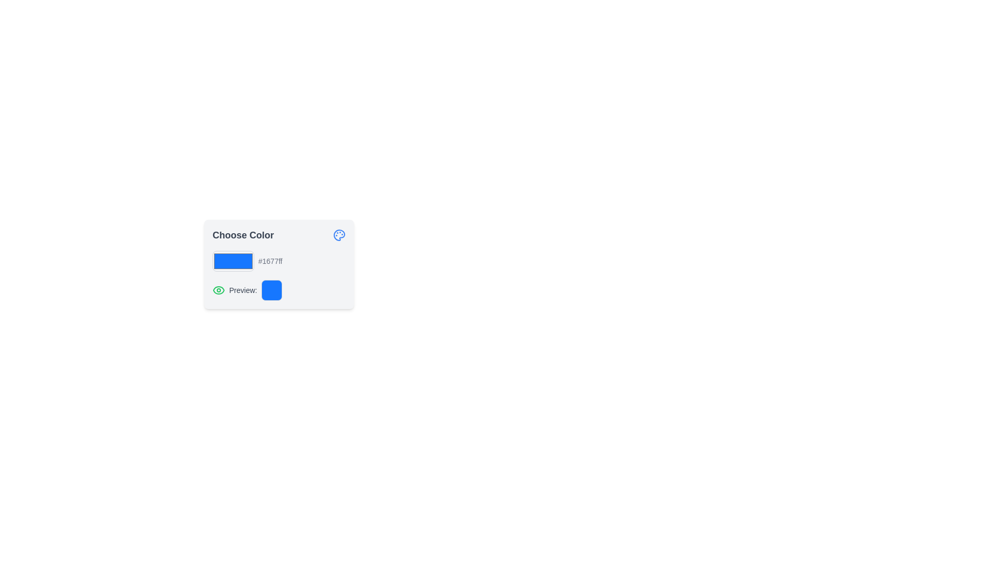 Image resolution: width=998 pixels, height=561 pixels. Describe the element at coordinates (339, 235) in the screenshot. I see `the color picker icon located in the top-right corner of the 'Choose Color' box, which visually represents the color selection feature` at that location.